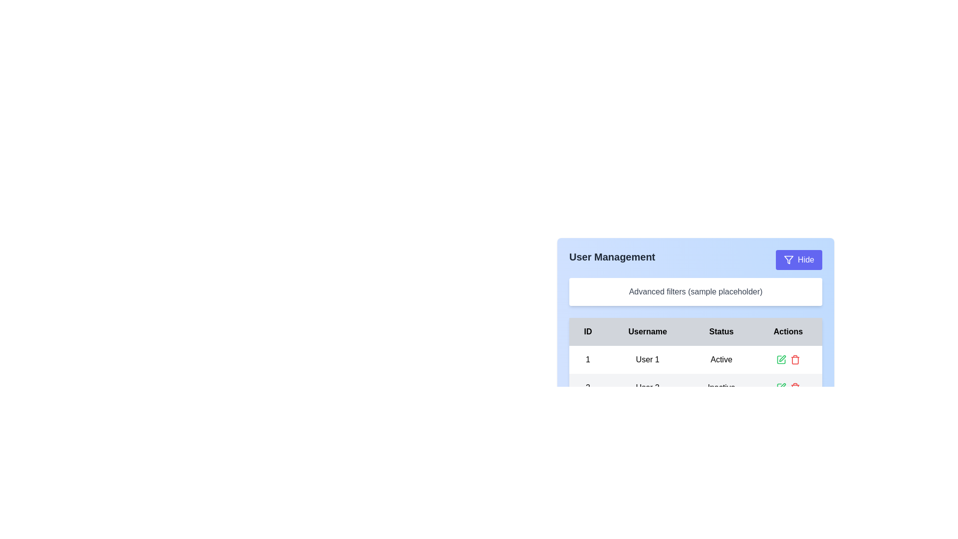 The width and height of the screenshot is (958, 539). I want to click on the middle part of the trash can icon representing the 'Delete' action in the user management interface, so click(794, 388).